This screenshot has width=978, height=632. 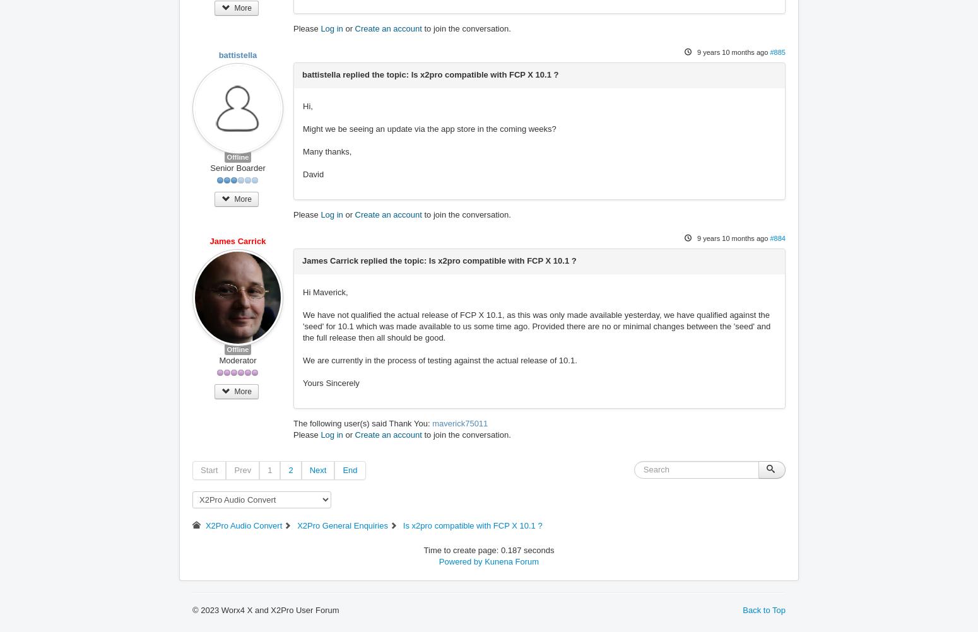 I want to click on 'James Carrick replied the topic: Is x2pro compatible with FCP X 10.1 ?', so click(x=438, y=260).